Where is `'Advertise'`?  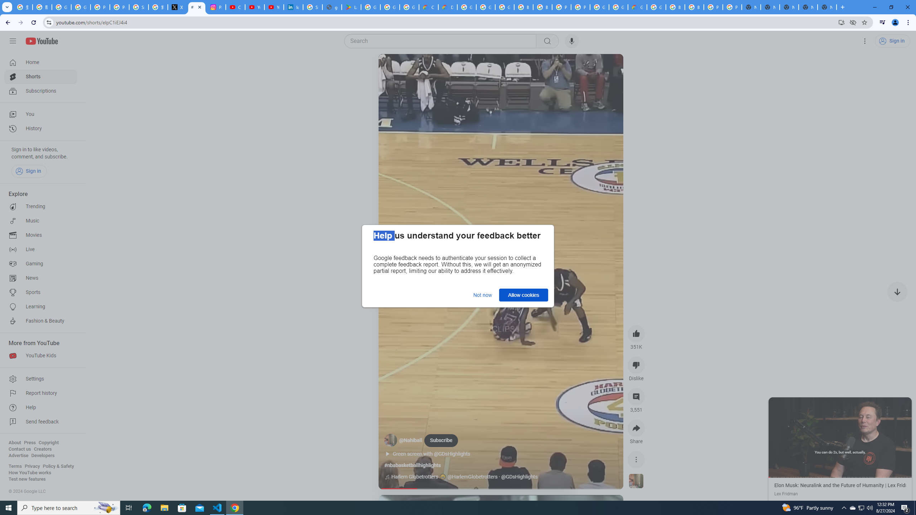 'Advertise' is located at coordinates (18, 455).